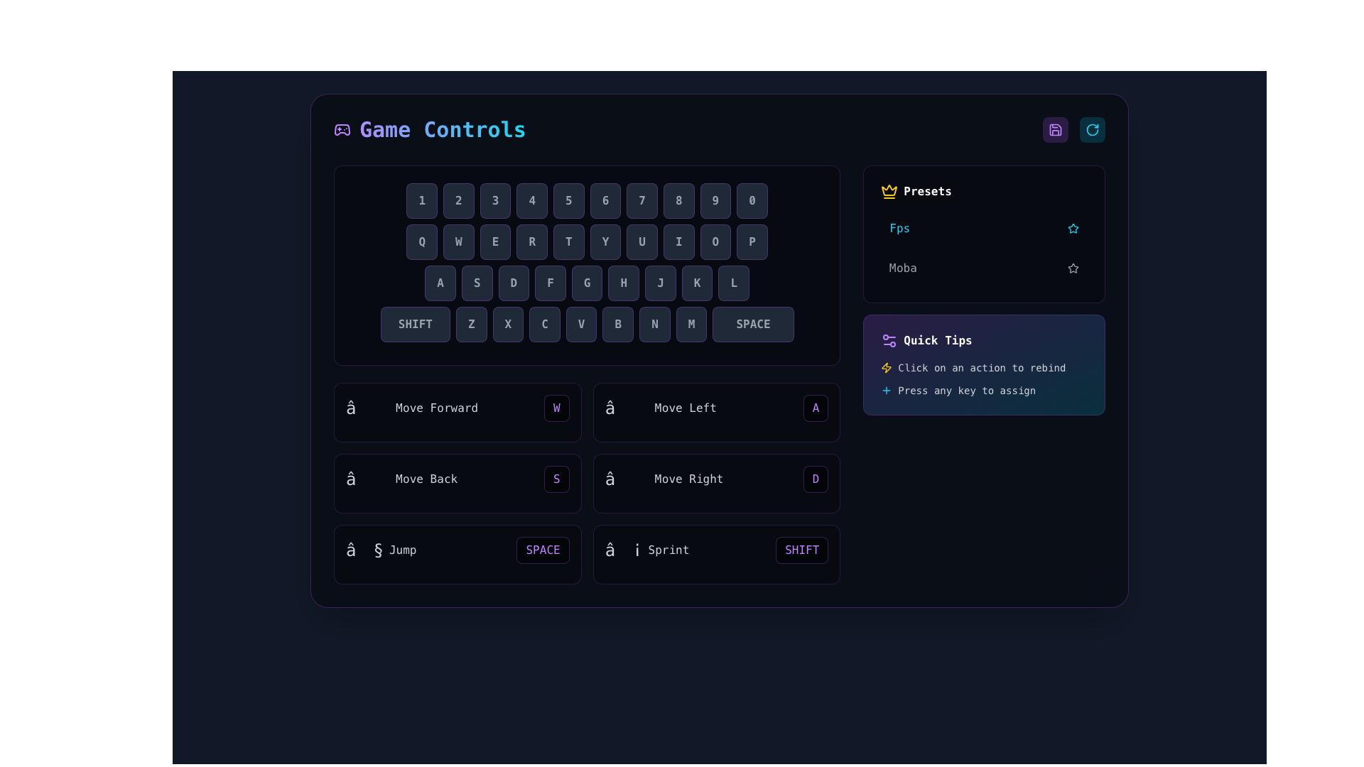 This screenshot has width=1364, height=767. Describe the element at coordinates (401, 479) in the screenshot. I see `the label indicating the functionality of moving backward in the game control settings, which is located in the lower-left section of the control panel, beneath the 'Move Forward' control` at that location.